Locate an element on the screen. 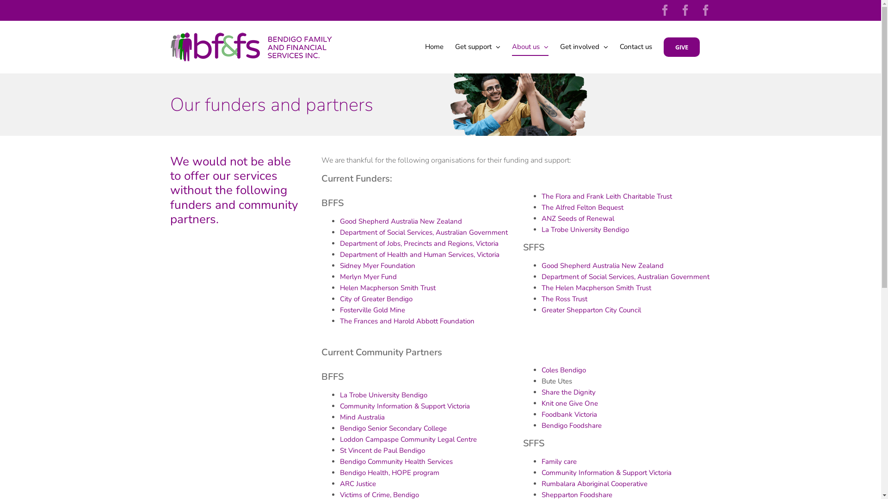 Image resolution: width=888 pixels, height=499 pixels. 'The Helen Macpherson Smith Trust' is located at coordinates (542, 287).